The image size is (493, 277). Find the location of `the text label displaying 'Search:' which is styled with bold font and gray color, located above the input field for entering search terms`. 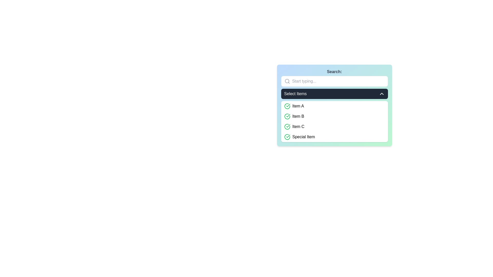

the text label displaying 'Search:' which is styled with bold font and gray color, located above the input field for entering search terms is located at coordinates (334, 72).